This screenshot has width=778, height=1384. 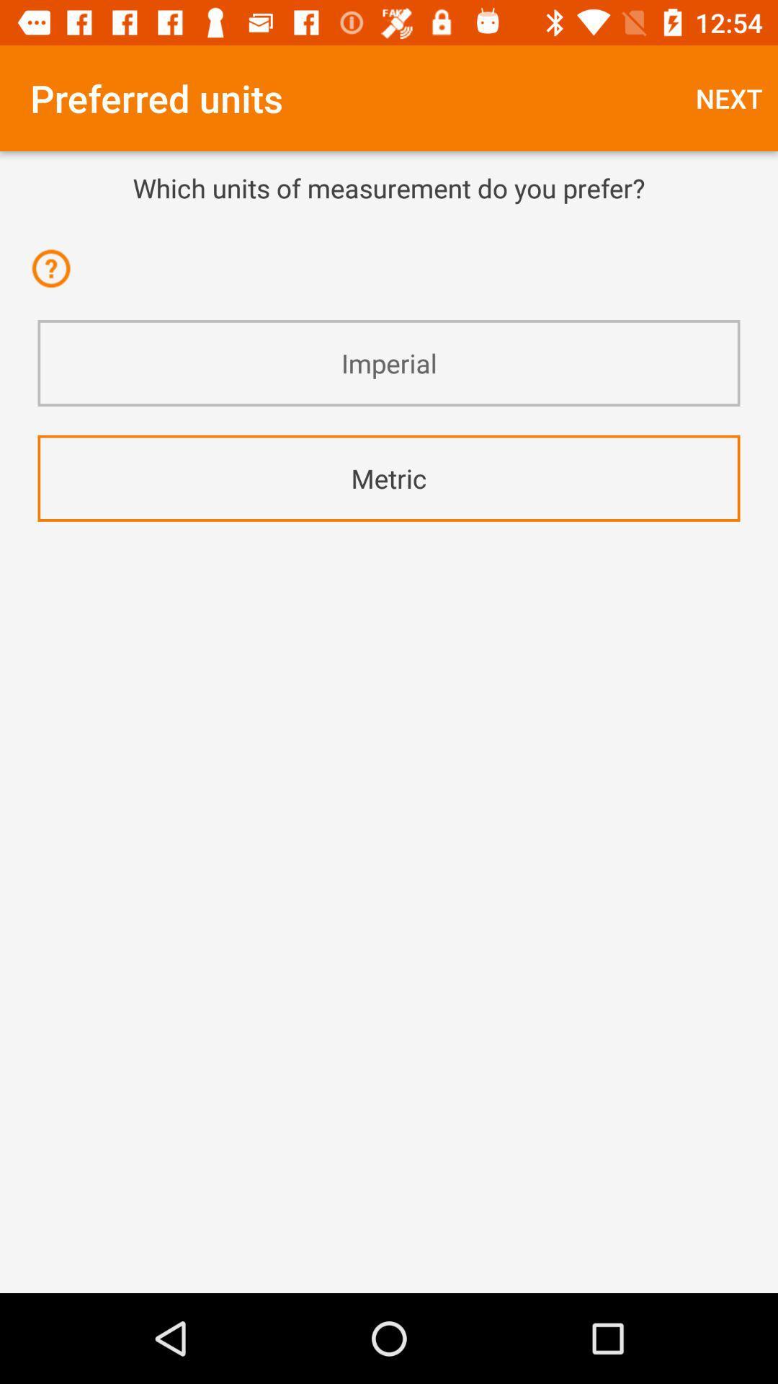 What do you see at coordinates (729, 97) in the screenshot?
I see `the next at the top right corner` at bounding box center [729, 97].